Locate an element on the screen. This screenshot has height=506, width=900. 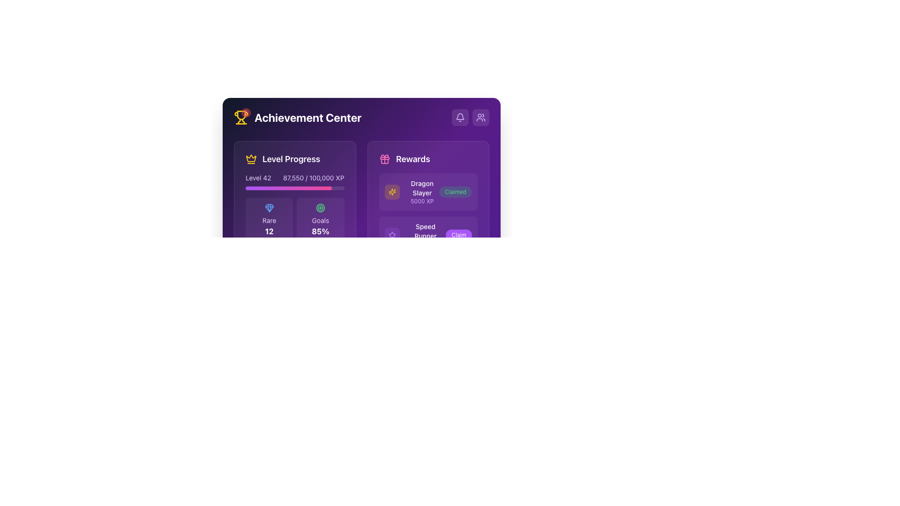
the 'Dragon Slayer' reward description label located in the 'Rewards' section of the interface, which provides information about a reward that grants '5000 XP' is located at coordinates (421, 191).